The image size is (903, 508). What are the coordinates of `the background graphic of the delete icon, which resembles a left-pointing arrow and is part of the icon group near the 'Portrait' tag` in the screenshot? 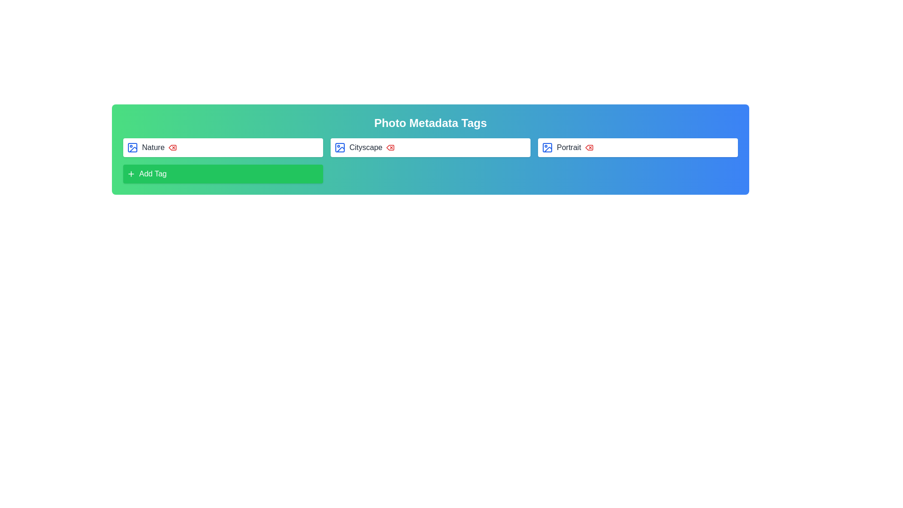 It's located at (588, 147).